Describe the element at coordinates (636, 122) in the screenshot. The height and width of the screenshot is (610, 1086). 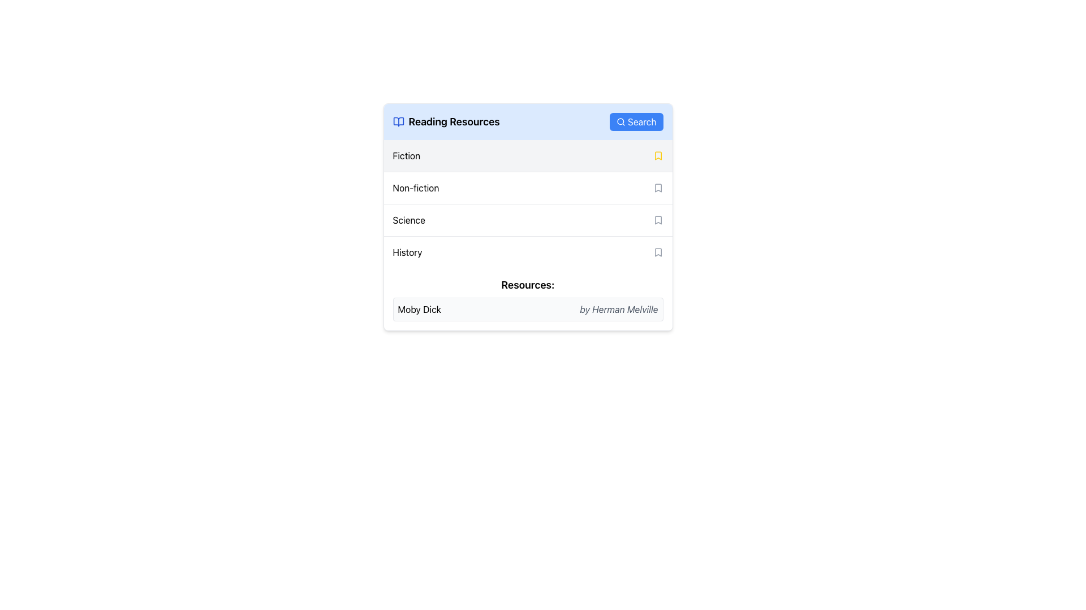
I see `the rectangular 'Search' button with a blue background and white text, located` at that location.